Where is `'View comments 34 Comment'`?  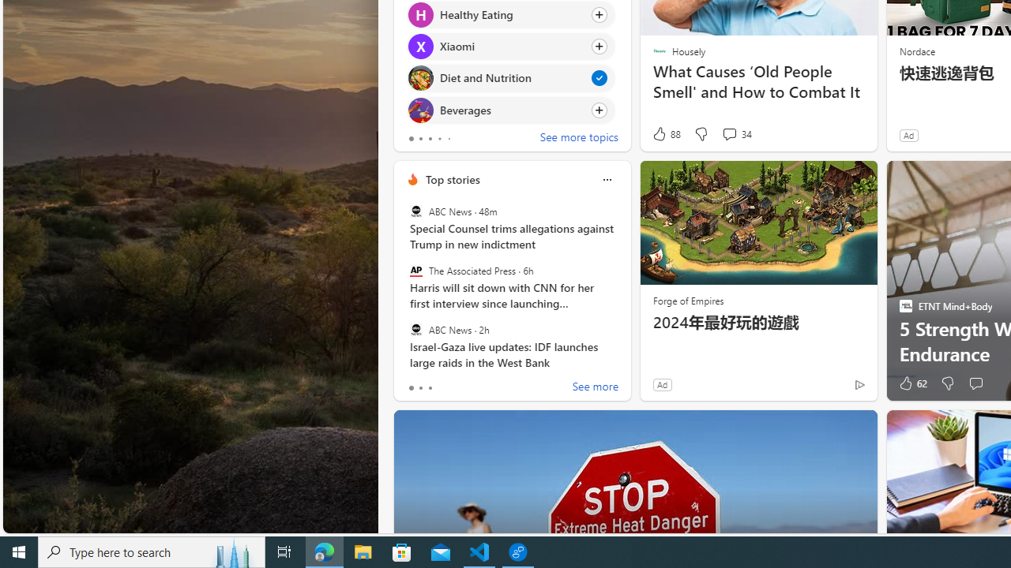
'View comments 34 Comment' is located at coordinates (728, 133).